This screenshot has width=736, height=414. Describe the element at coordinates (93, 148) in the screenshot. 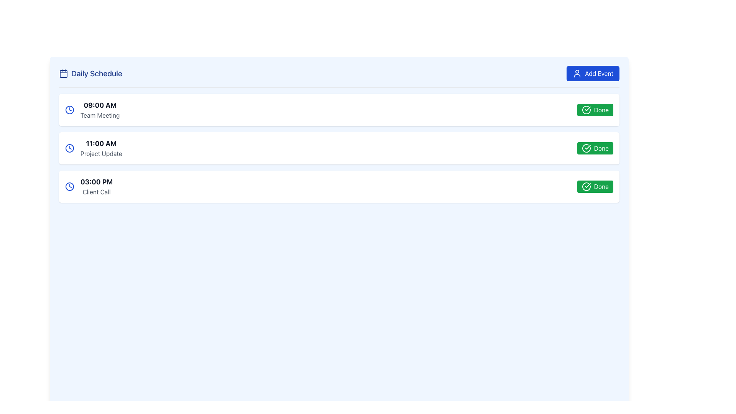

I see `the List item content group displaying event information with the time '11:00 AM' and label 'Project Update', which is the second item in the vertical list of events` at that location.